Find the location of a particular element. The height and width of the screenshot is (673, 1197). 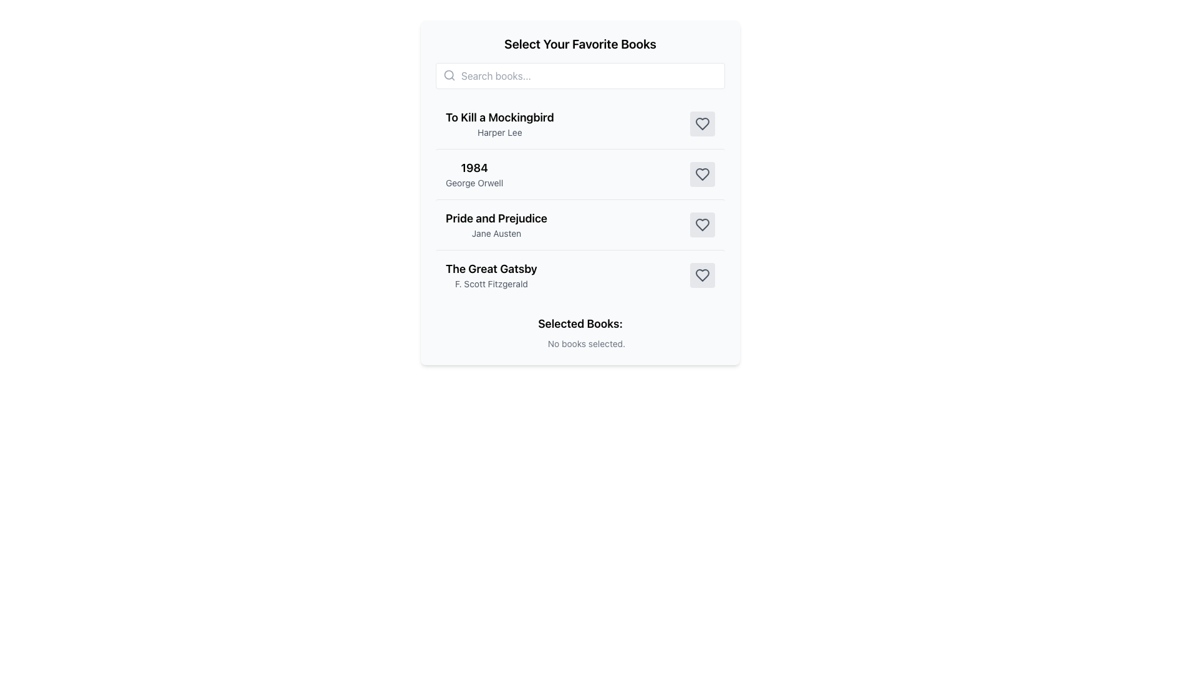

the Text label indicating that no books have been marked as selected by the user, positioned below the 'Selected Books:' text is located at coordinates (580, 343).